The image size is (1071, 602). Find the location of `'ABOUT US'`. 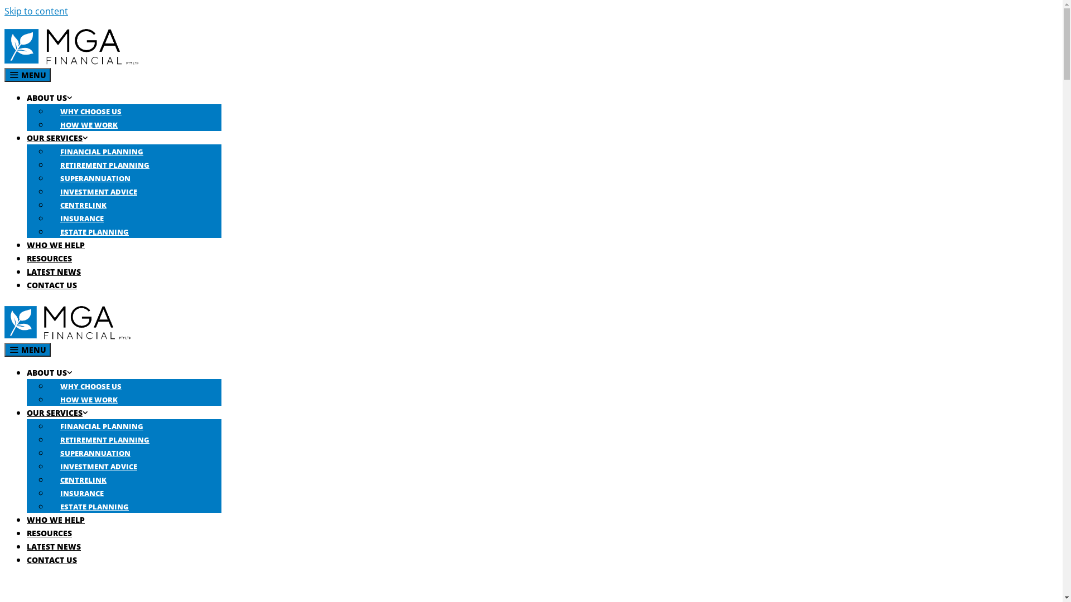

'ABOUT US' is located at coordinates (27, 97).